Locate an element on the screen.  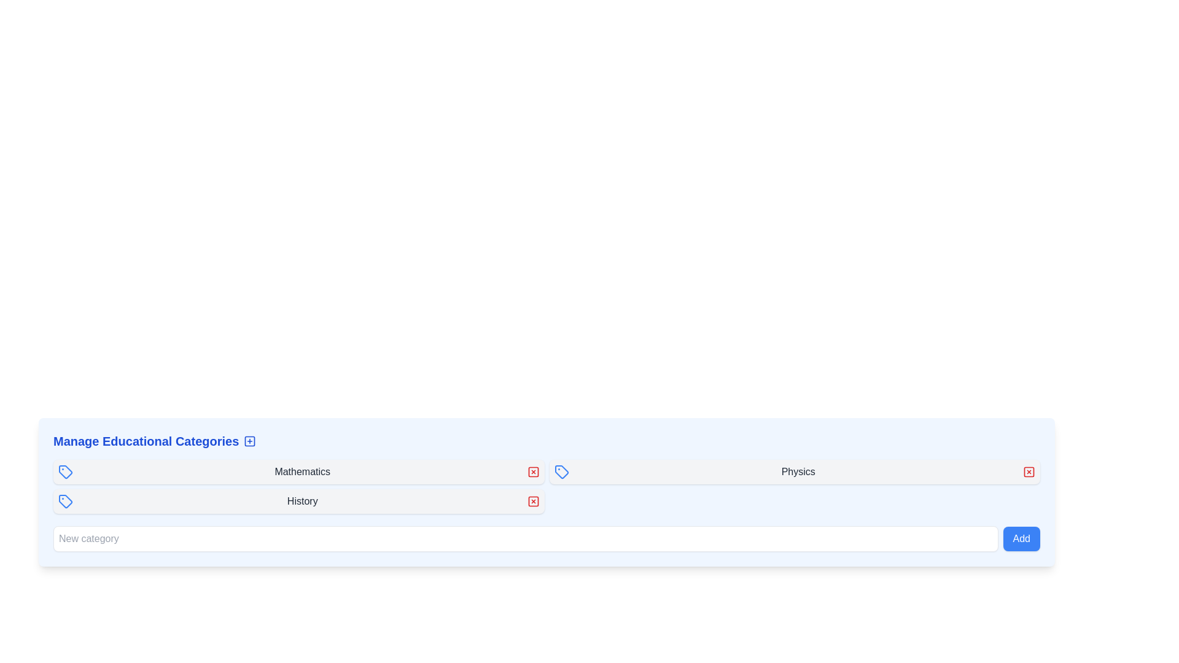
the 'History' label that indicates an educational category, centrally located in a horizontal row between a tag icon and an action button is located at coordinates (302, 502).